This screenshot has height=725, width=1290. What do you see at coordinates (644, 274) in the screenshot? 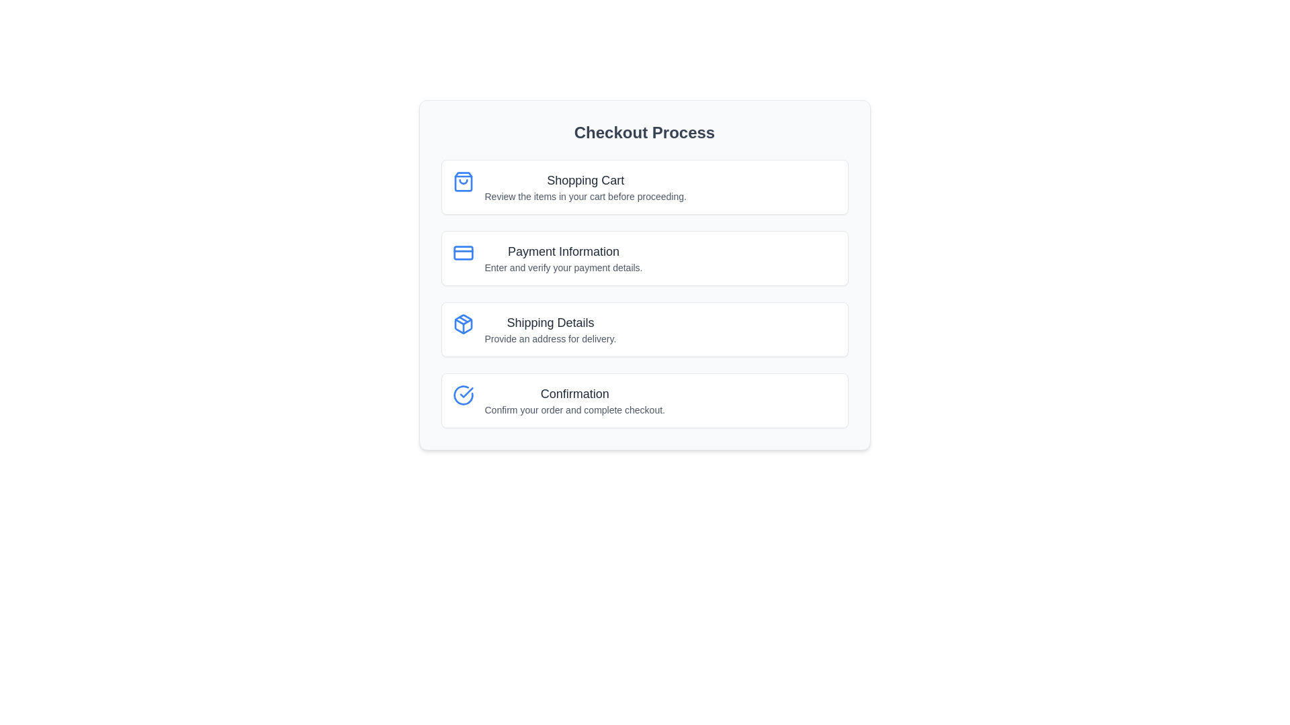
I see `the Informational Section that displays information about entering and verifying payment details in the checkout process` at bounding box center [644, 274].